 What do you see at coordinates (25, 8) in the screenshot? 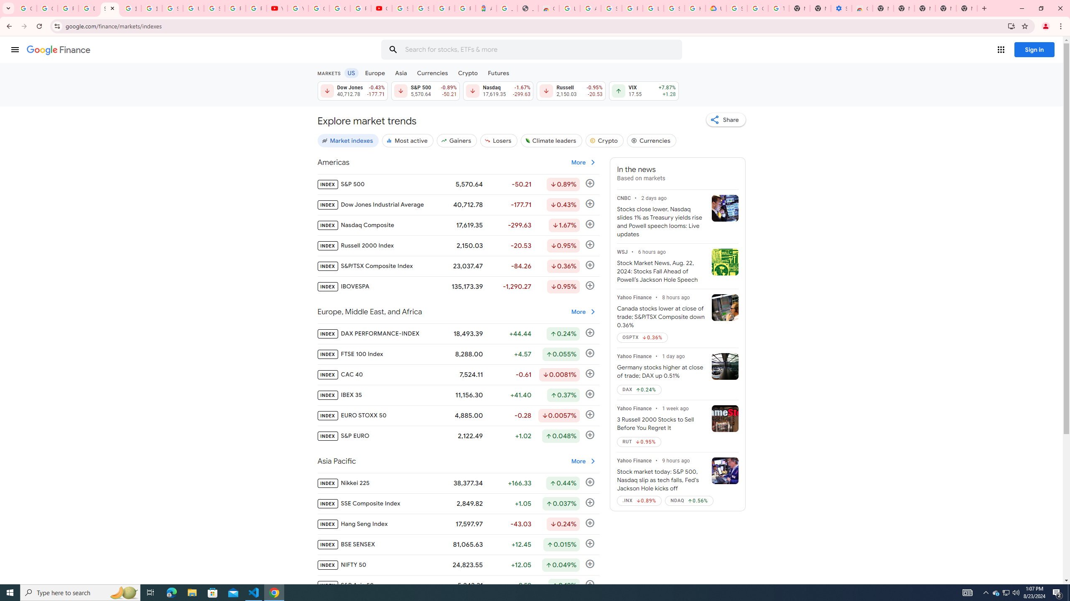
I see `'Google Workspace Admin Community'` at bounding box center [25, 8].